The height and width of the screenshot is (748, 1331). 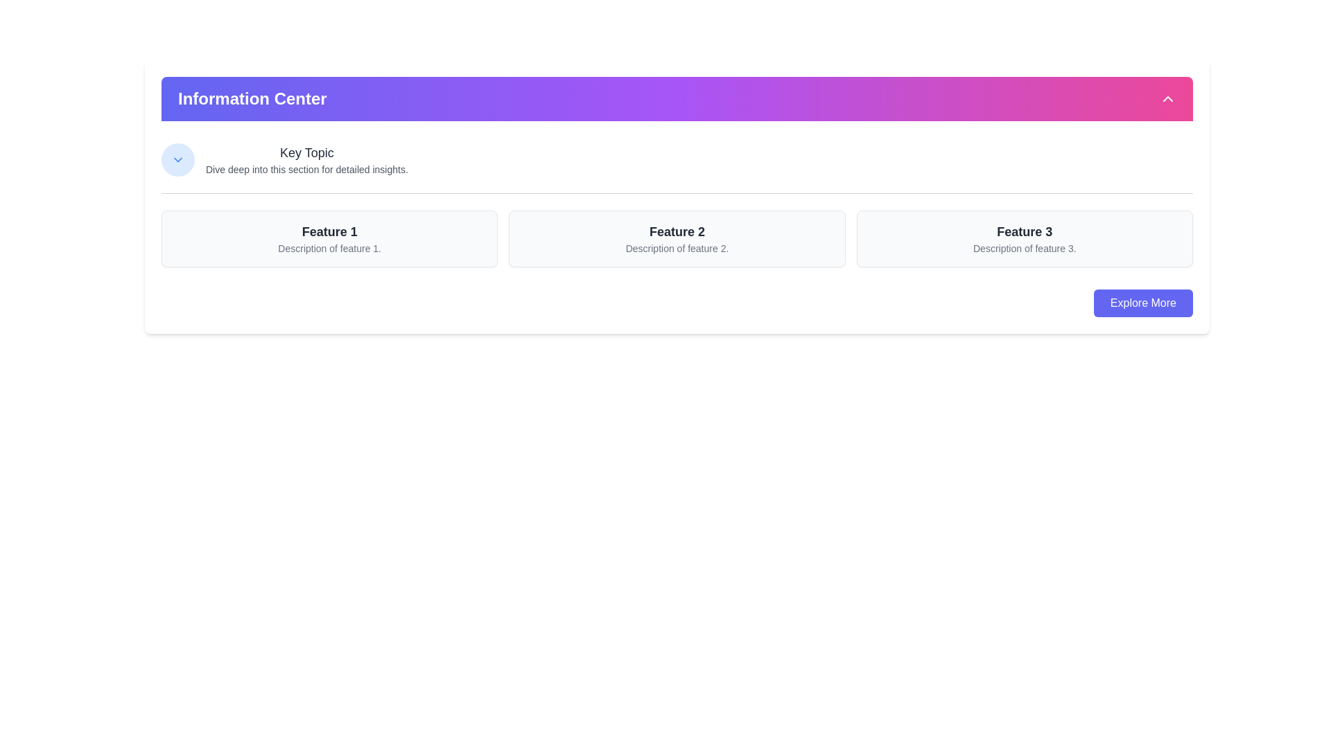 I want to click on the chevron-up icon located in the top-right corner of the gradient header bar labeled 'Information Center', so click(x=1167, y=98).